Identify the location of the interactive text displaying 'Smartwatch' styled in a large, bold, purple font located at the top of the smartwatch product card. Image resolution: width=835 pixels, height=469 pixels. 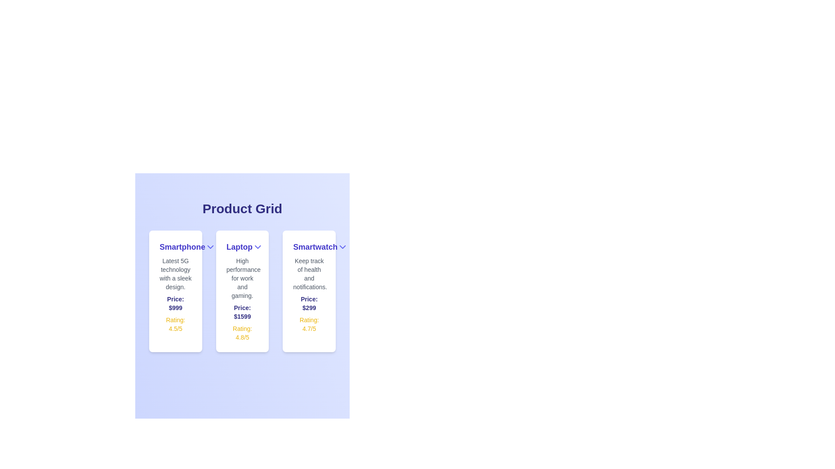
(309, 247).